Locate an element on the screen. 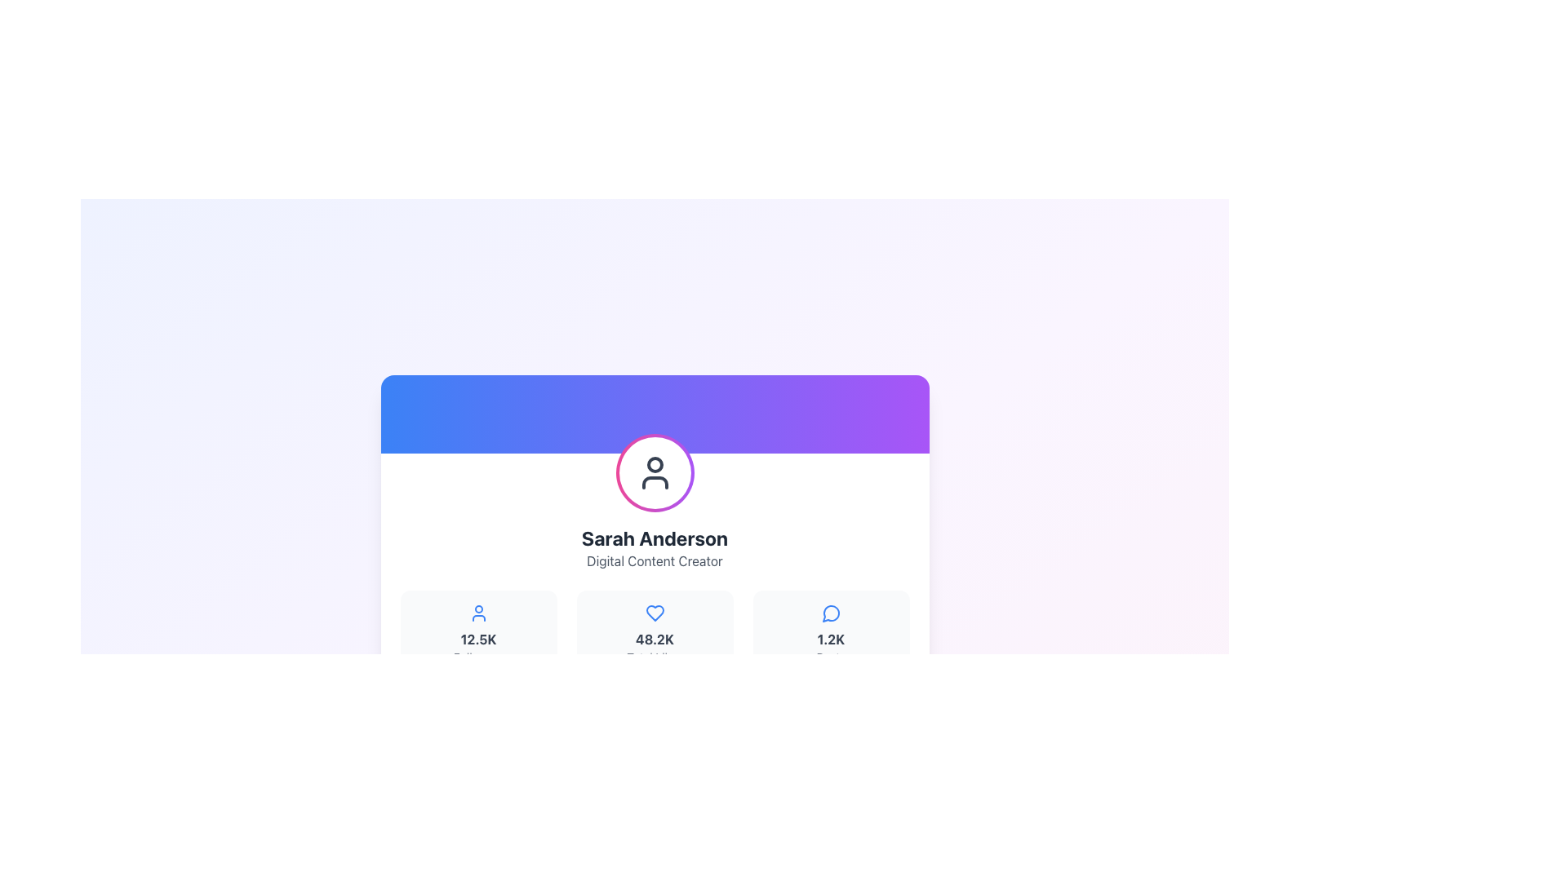  the labeled link or category item located in the second row, second column of the grid, which signifies a category related to influencers is located at coordinates (785, 808).